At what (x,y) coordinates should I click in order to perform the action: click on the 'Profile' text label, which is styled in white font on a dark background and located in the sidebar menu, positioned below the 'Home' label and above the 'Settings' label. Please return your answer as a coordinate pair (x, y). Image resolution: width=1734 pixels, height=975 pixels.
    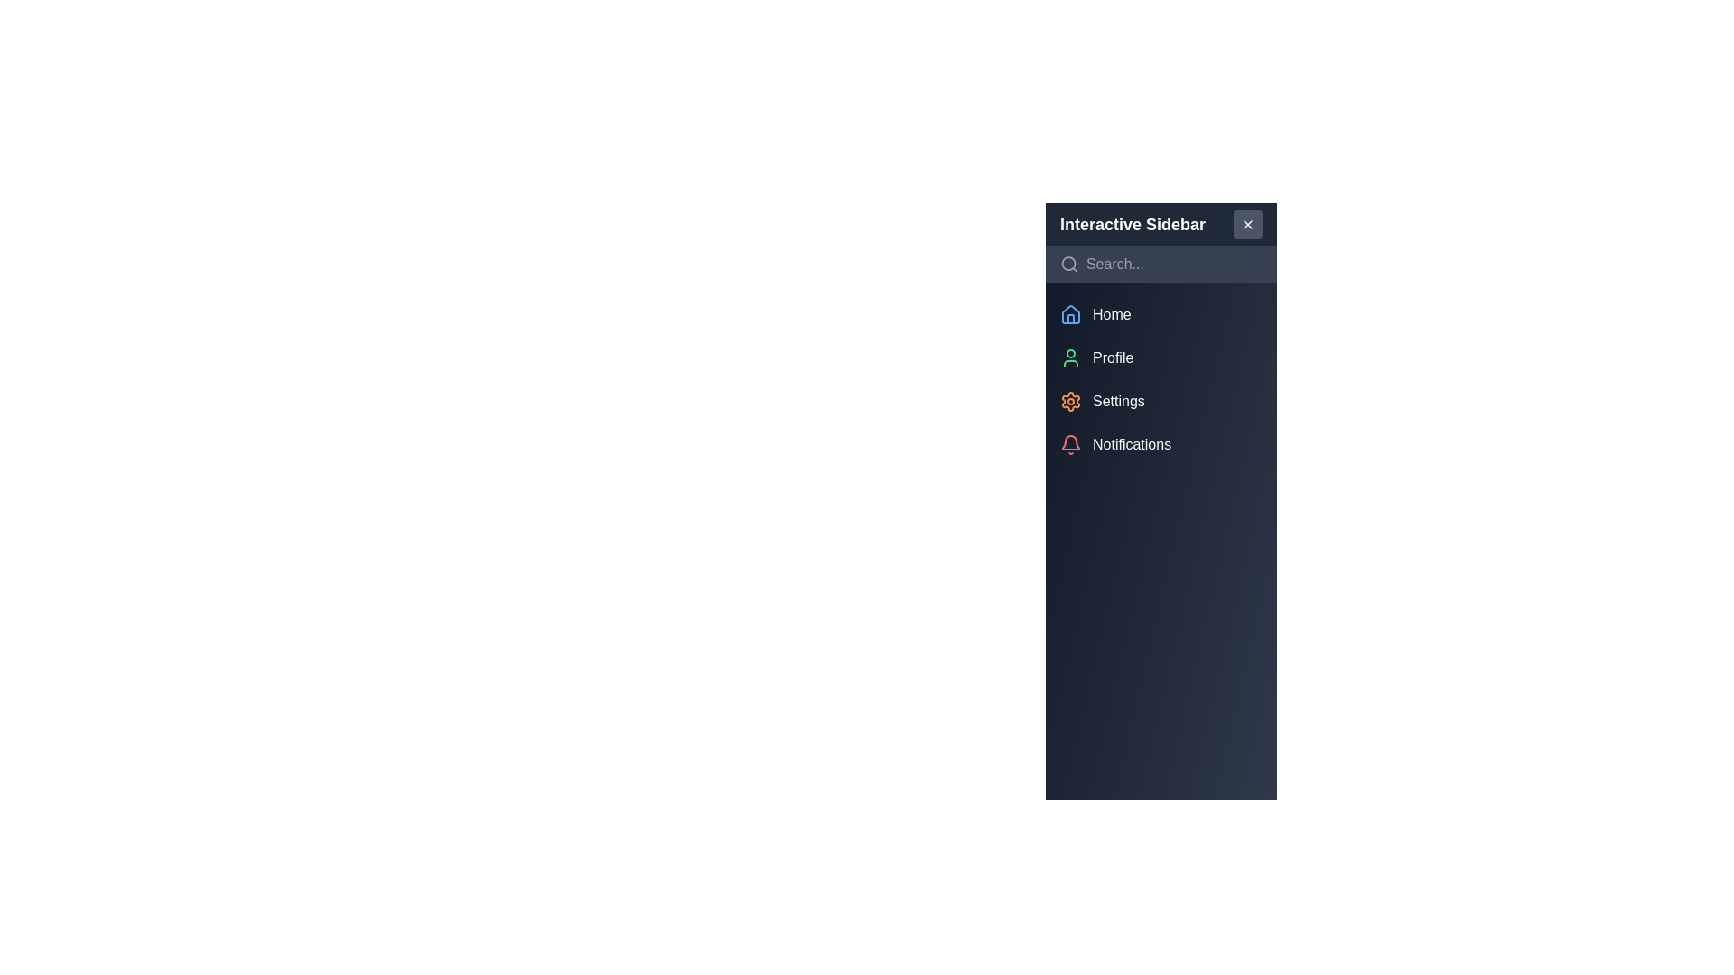
    Looking at the image, I should click on (1112, 358).